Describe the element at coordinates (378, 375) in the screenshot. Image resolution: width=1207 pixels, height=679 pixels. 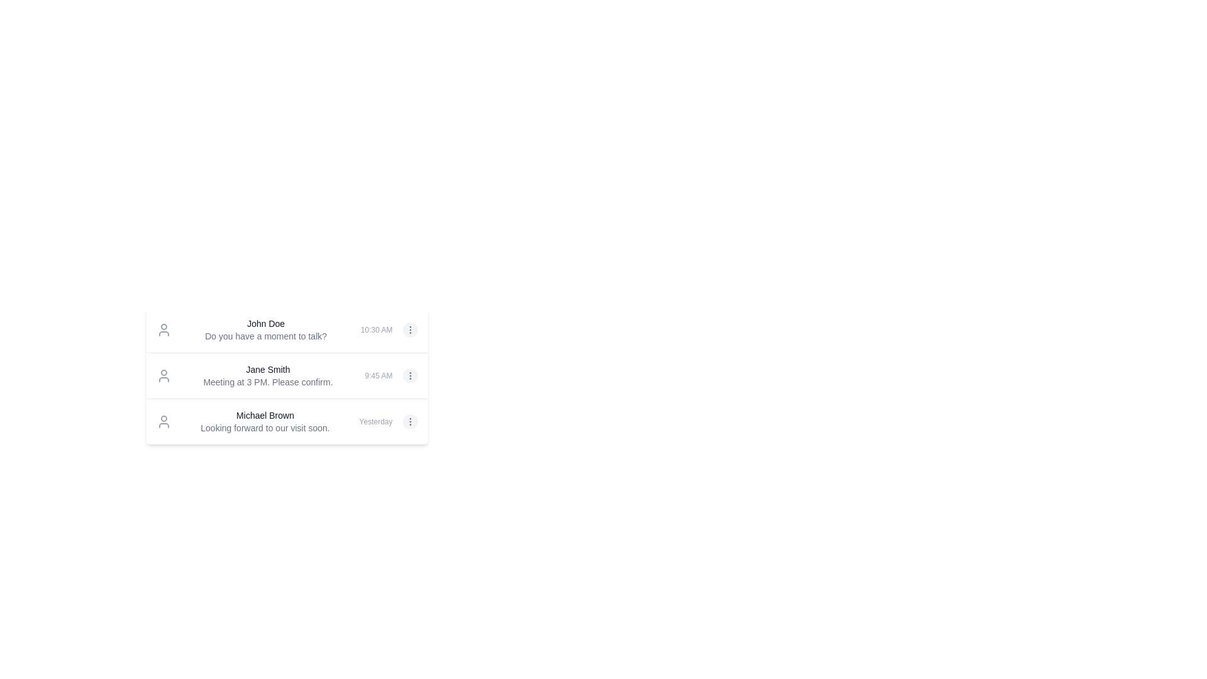
I see `timestamp value displayed in the text label that shows '9:45 AM', which is styled with a small font size and gray color, located to the right of 'Jane Smith' and the message preview text` at that location.